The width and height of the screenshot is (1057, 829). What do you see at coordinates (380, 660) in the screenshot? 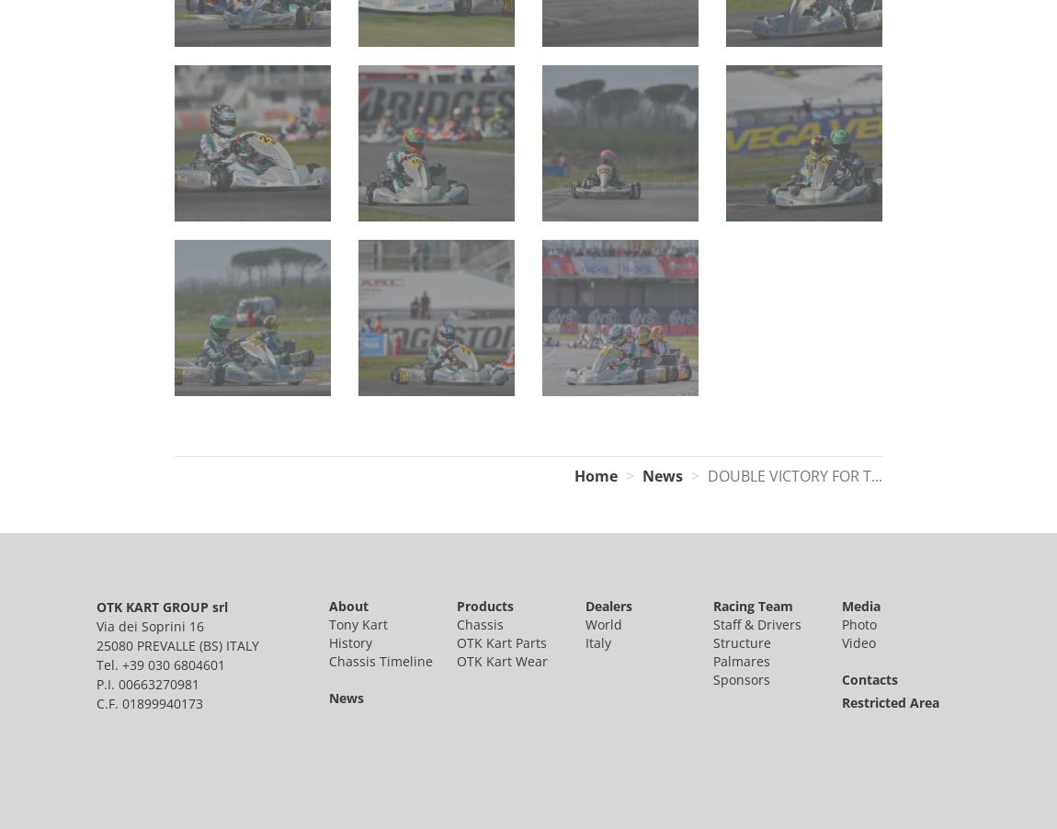
I see `'Chassis Timeline'` at bounding box center [380, 660].